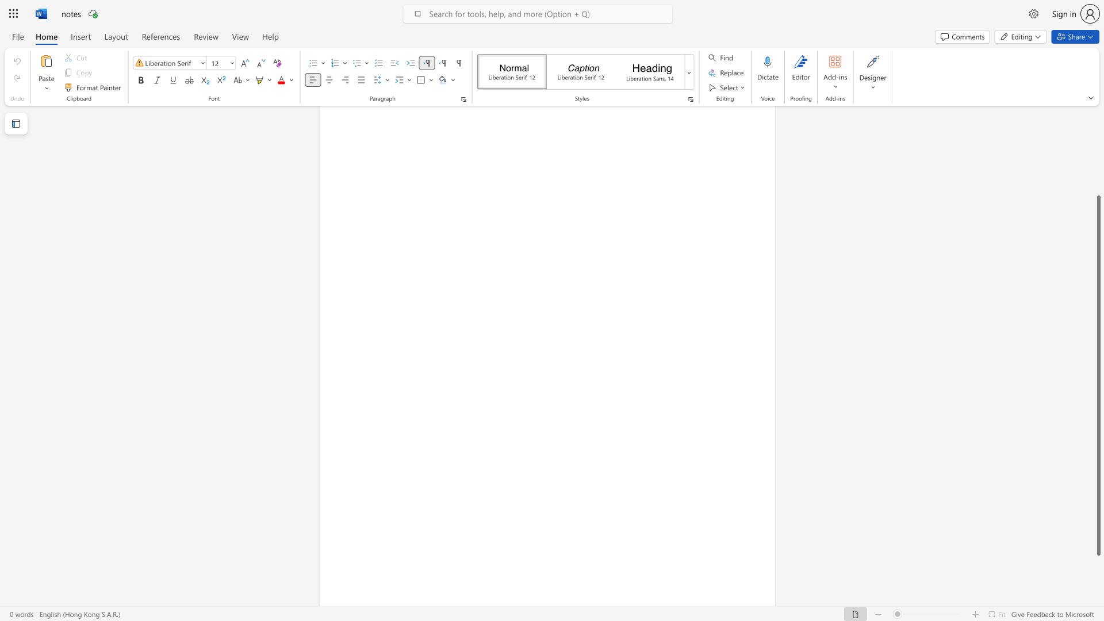 This screenshot has height=621, width=1104. What do you see at coordinates (1098, 178) in the screenshot?
I see `the scrollbar to slide the page up` at bounding box center [1098, 178].